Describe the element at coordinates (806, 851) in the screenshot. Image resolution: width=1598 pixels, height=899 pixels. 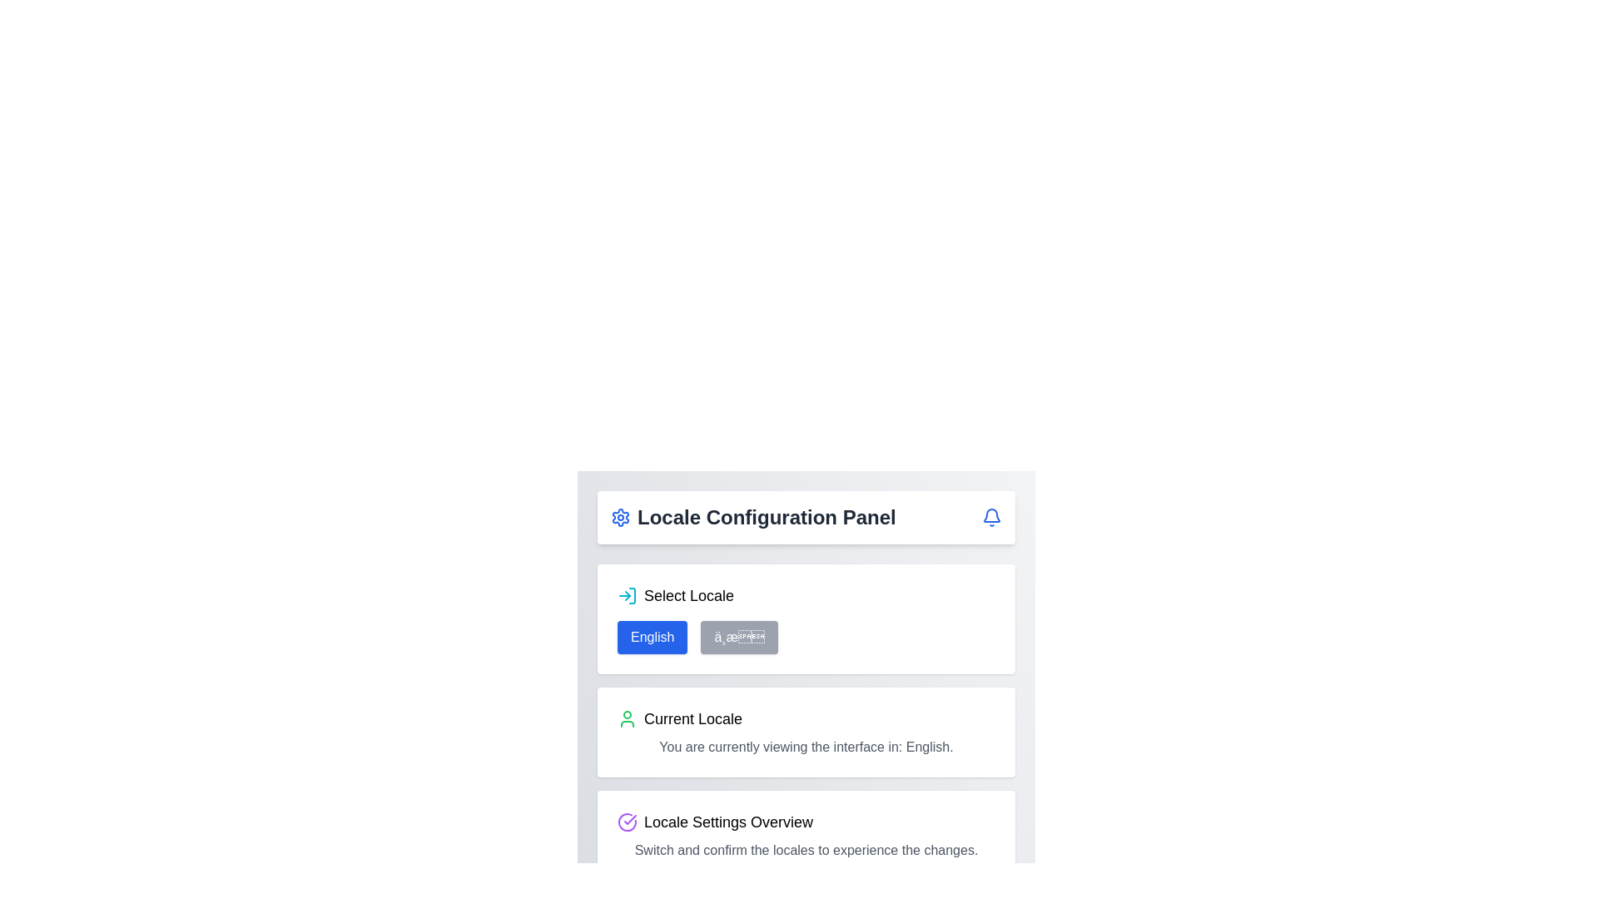
I see `static text label located below the title 'Locale Settings Overview', which is styled with a gray font color and provides additional explanatory information` at that location.